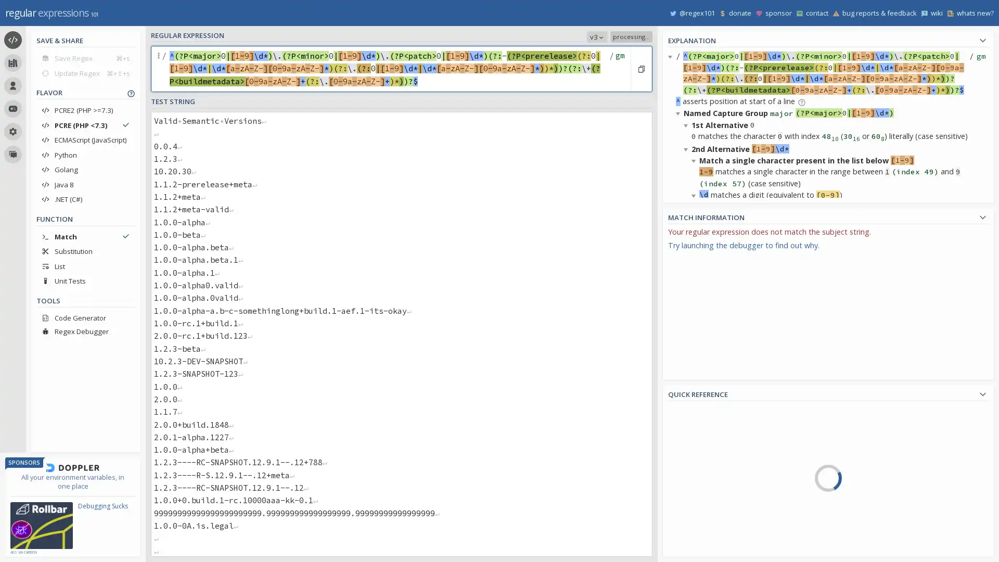 The height and width of the screenshot is (562, 999). I want to click on Group minor, so click(696, 362).